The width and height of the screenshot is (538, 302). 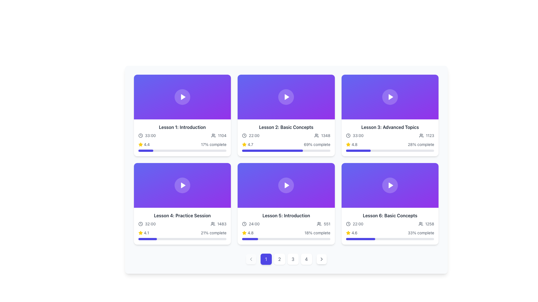 I want to click on the yellow star-shaped icon located next to the numerical rating '4.7' for 'Lesson 2: Basic Concepts', so click(x=244, y=144).